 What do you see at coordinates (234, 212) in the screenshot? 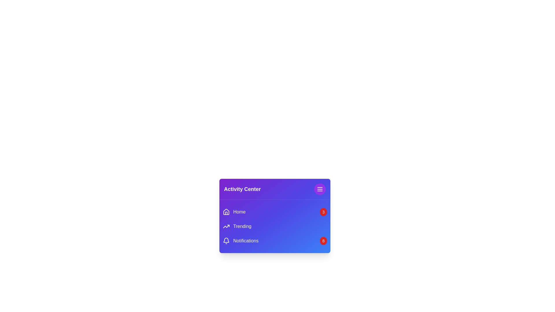
I see `the menu item Home to observe hover effects` at bounding box center [234, 212].